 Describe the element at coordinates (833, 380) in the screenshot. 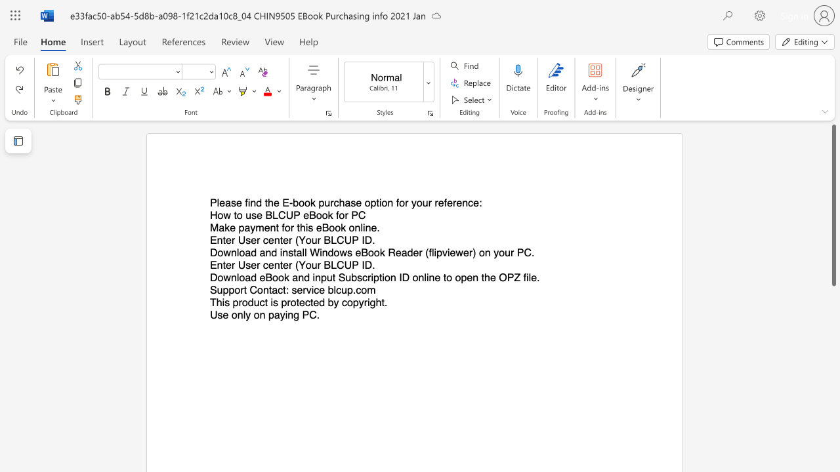

I see `the scrollbar to move the page downward` at that location.